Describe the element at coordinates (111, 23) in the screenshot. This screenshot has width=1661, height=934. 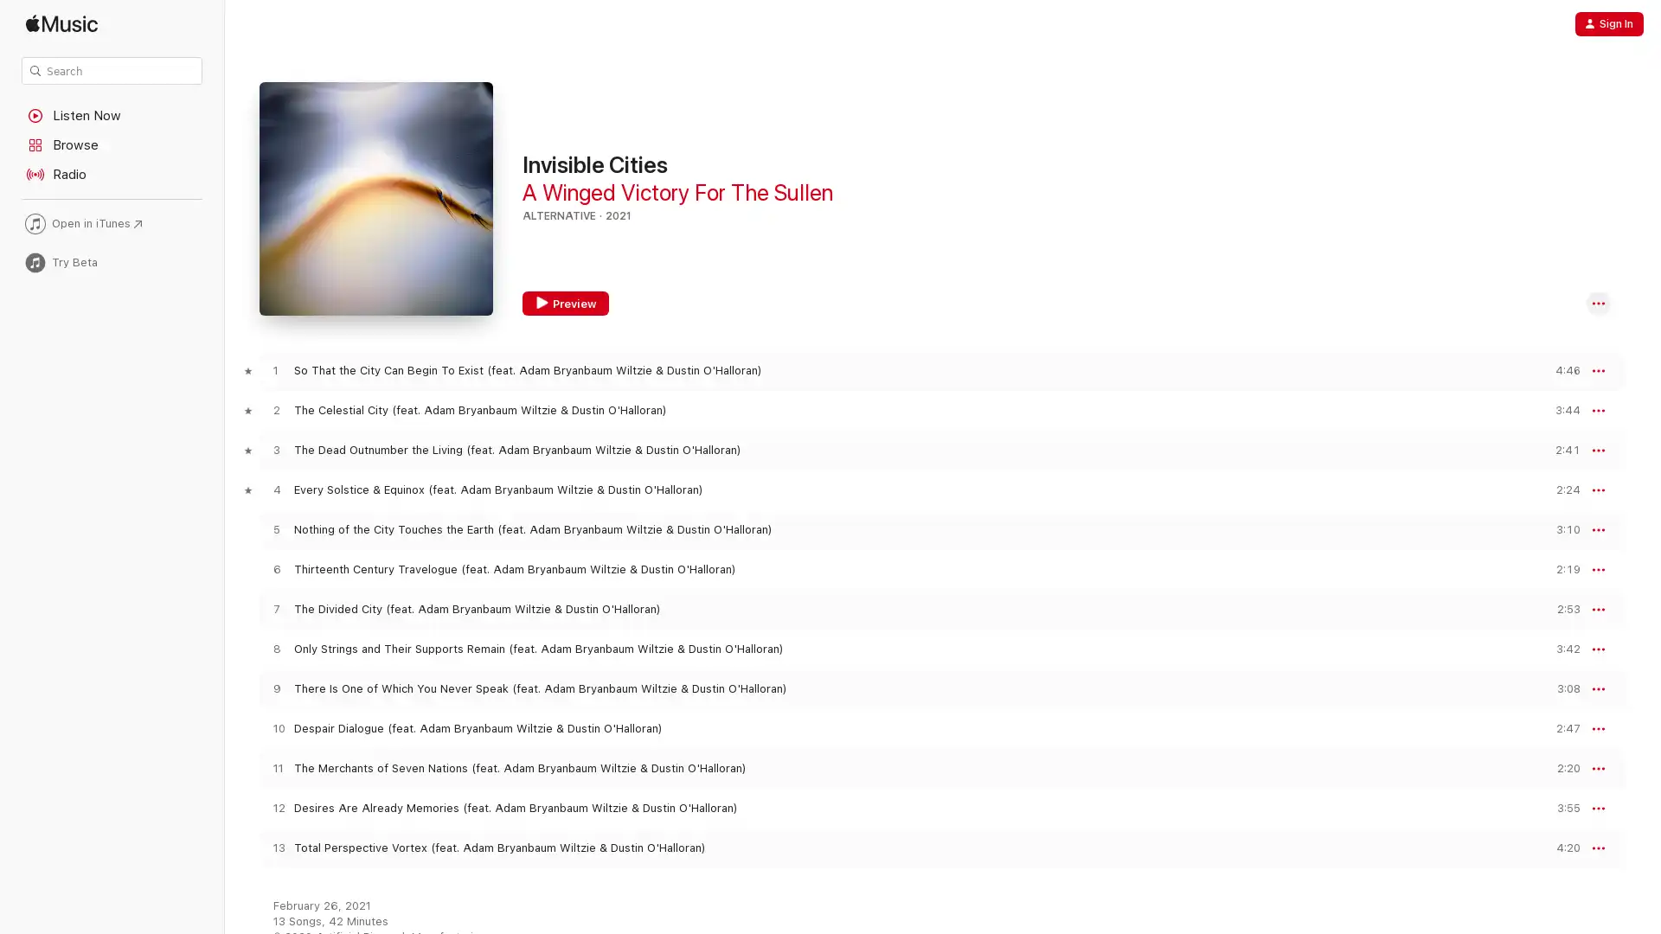
I see `Apple Music` at that location.